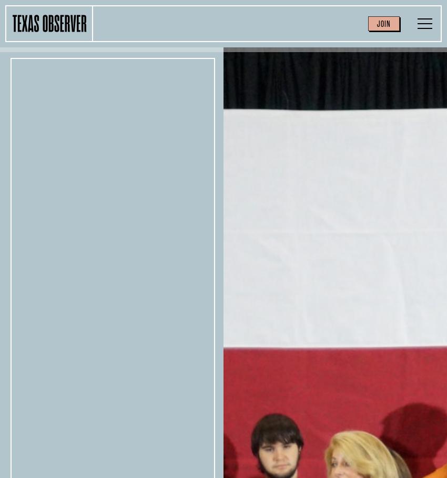  I want to click on 'Archives', so click(43, 385).